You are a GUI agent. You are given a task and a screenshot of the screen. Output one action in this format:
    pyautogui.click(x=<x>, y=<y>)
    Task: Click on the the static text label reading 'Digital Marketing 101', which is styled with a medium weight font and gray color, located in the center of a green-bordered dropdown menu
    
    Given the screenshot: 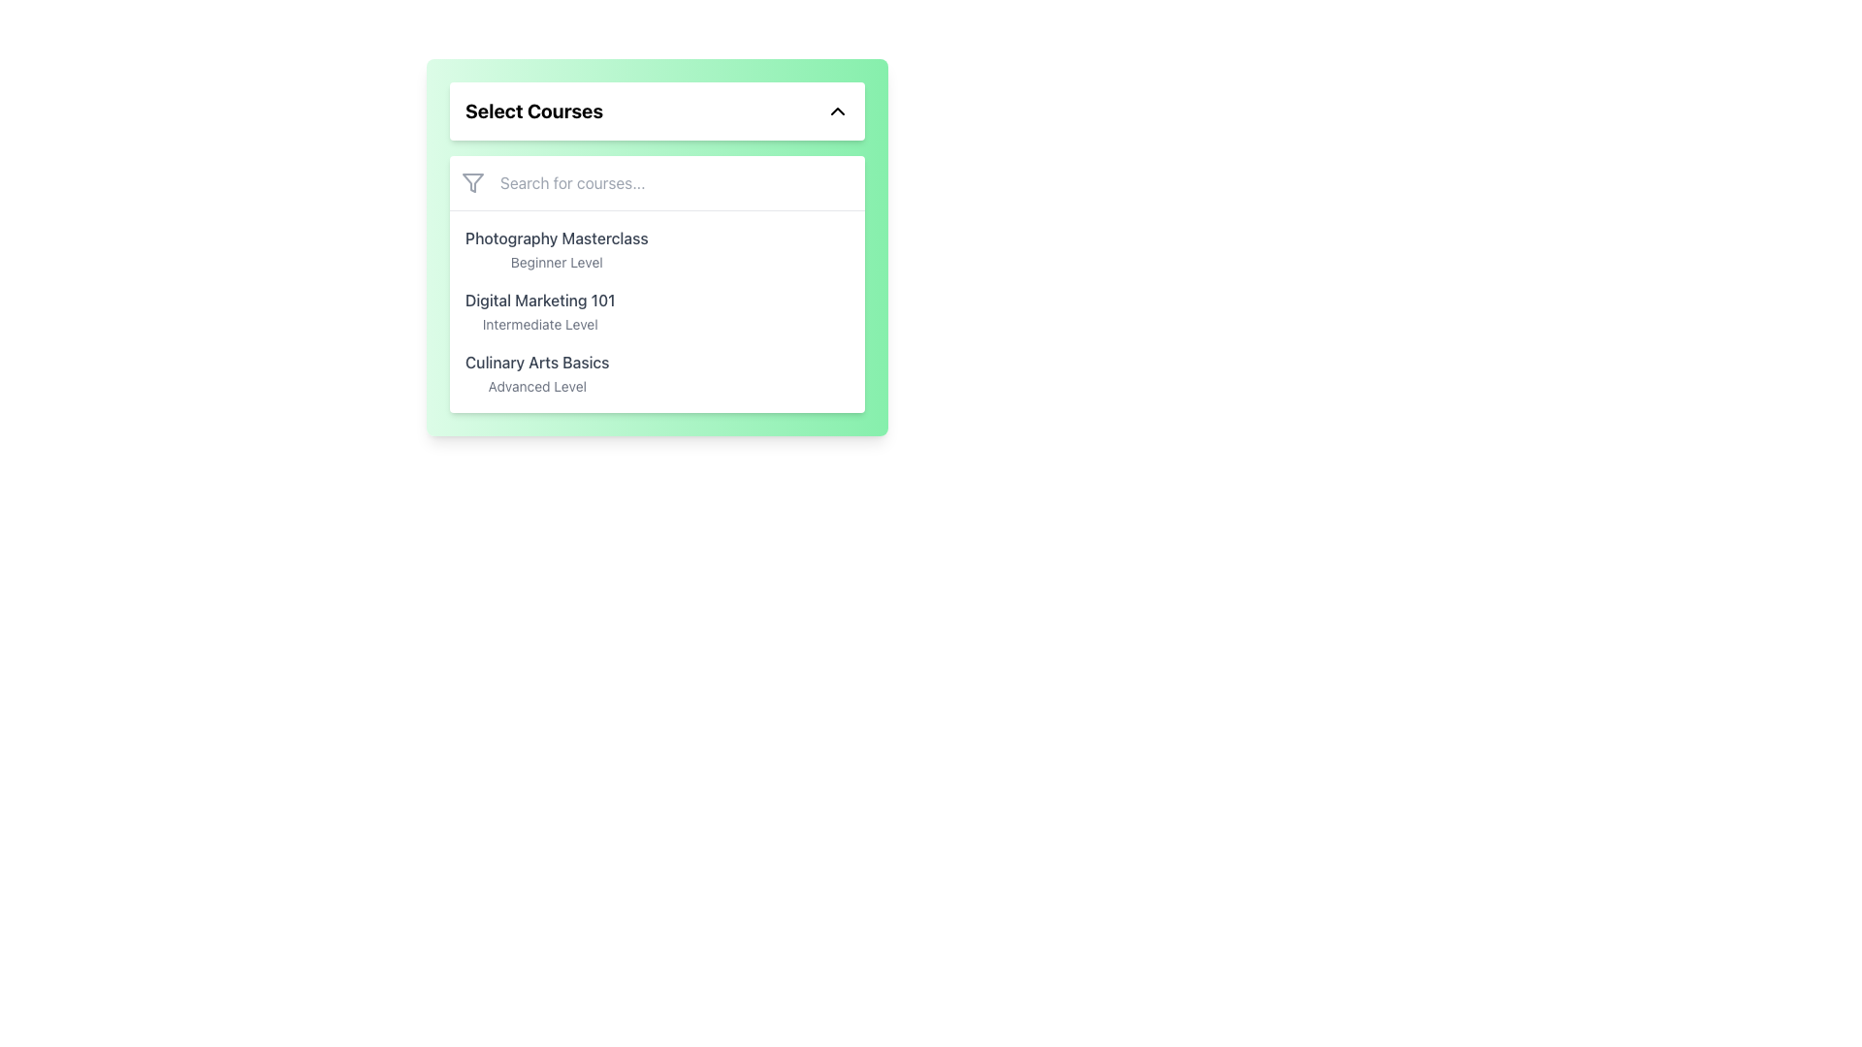 What is the action you would take?
    pyautogui.click(x=540, y=300)
    